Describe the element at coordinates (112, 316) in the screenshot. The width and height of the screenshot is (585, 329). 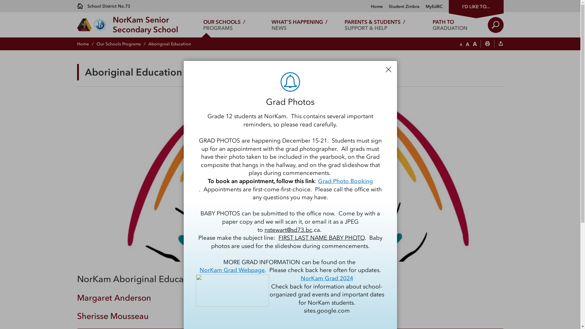
I see `'Sherisse Mousseau'` at that location.